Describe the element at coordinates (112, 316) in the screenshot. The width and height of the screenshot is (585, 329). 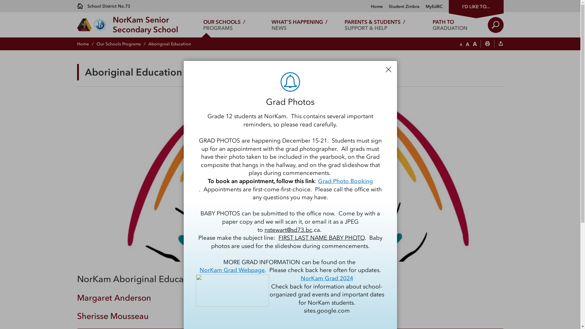
I see `'Sherisse Mousseau'` at that location.